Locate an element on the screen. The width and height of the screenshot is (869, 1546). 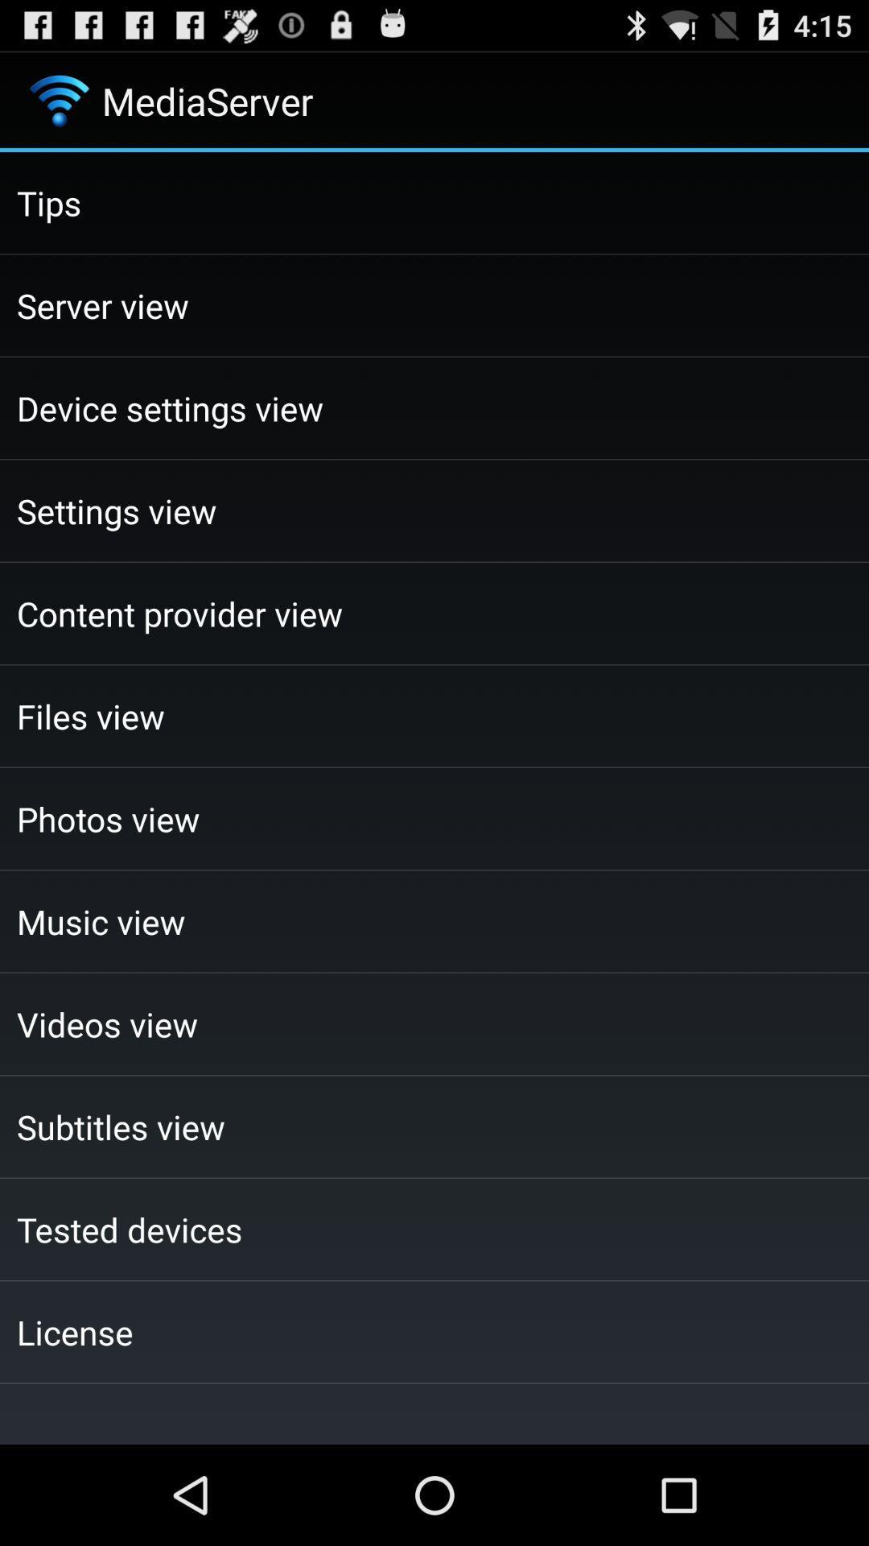
the checkbox above the server view item is located at coordinates (434, 202).